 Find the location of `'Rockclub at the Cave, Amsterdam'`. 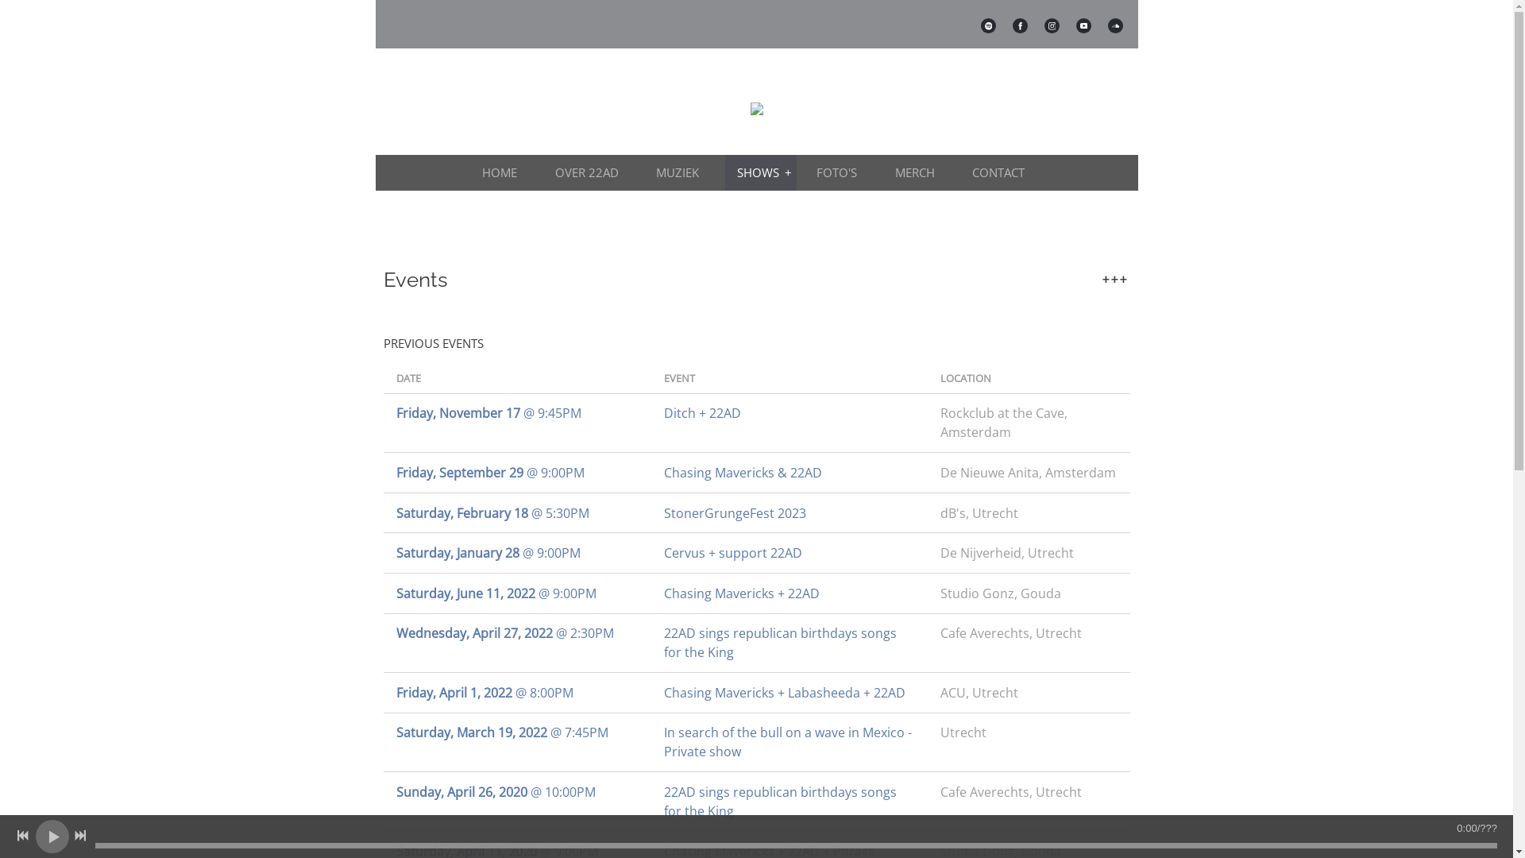

'Rockclub at the Cave, Amsterdam' is located at coordinates (1029, 422).